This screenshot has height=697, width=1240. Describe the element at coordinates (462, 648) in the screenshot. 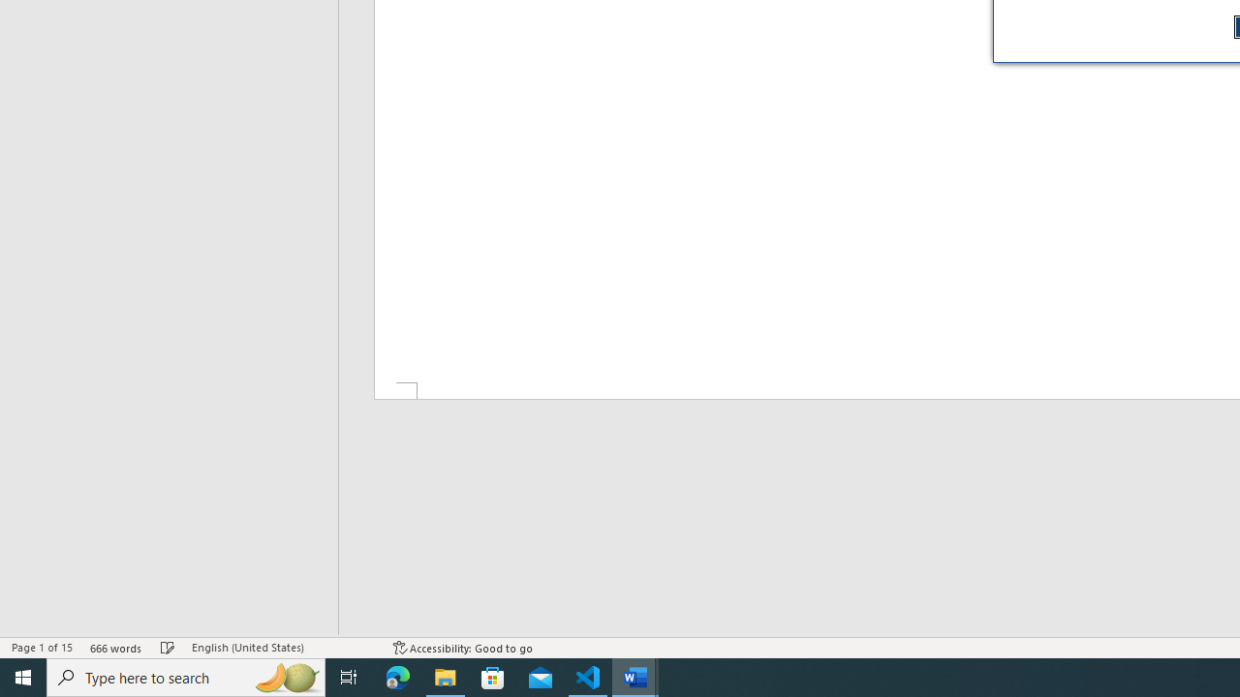

I see `'Accessibility Checker Accessibility: Good to go'` at that location.